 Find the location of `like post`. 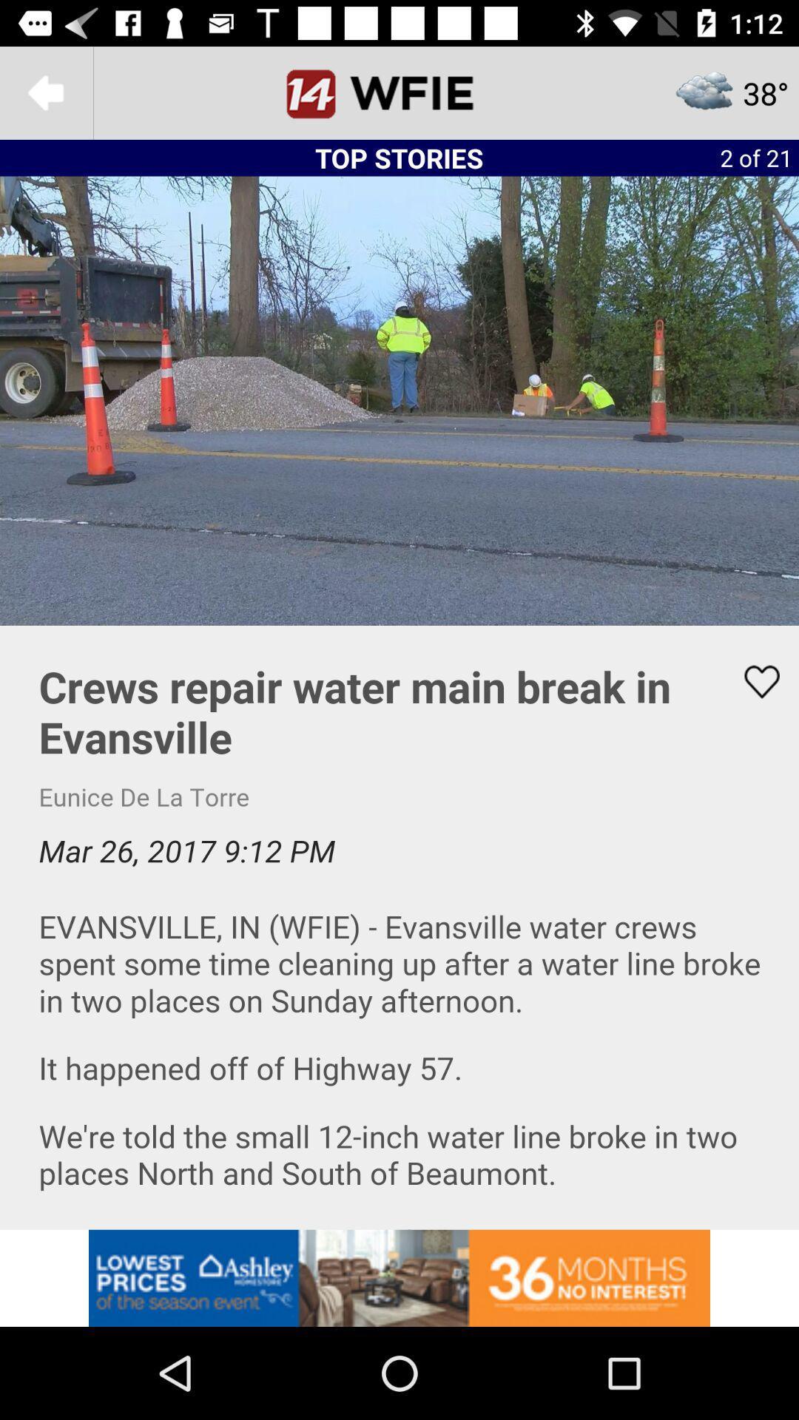

like post is located at coordinates (752, 681).